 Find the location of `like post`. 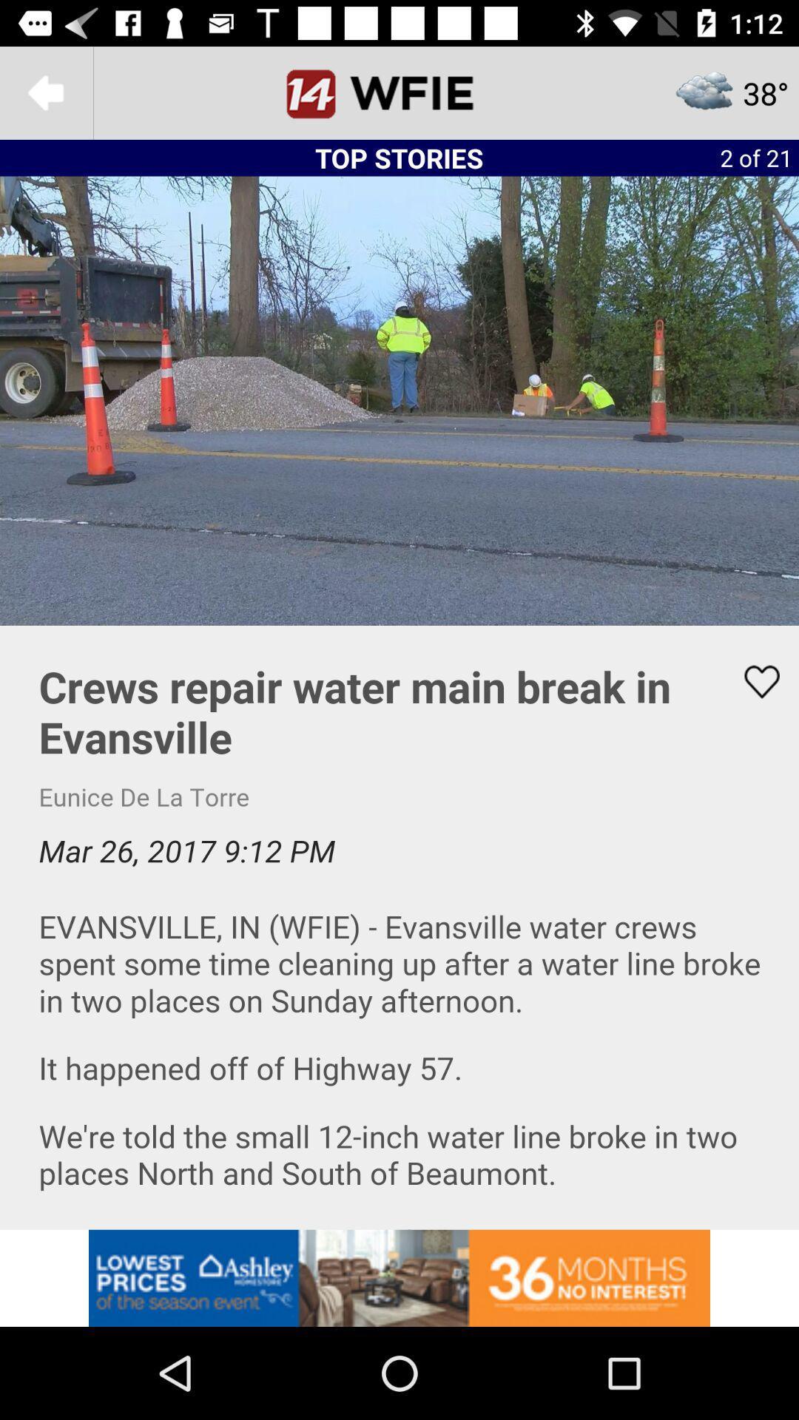

like post is located at coordinates (752, 681).